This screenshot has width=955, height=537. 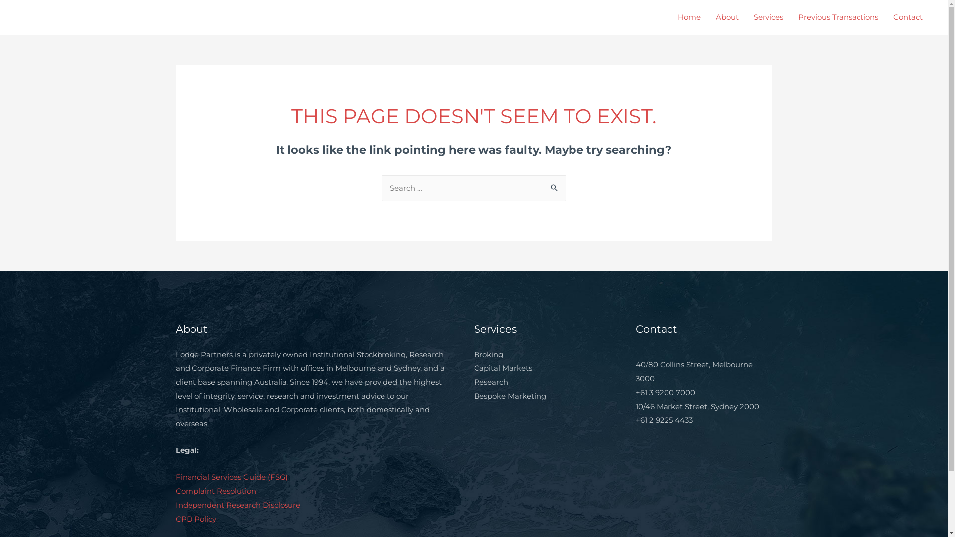 I want to click on 'Previous Transactions', so click(x=838, y=17).